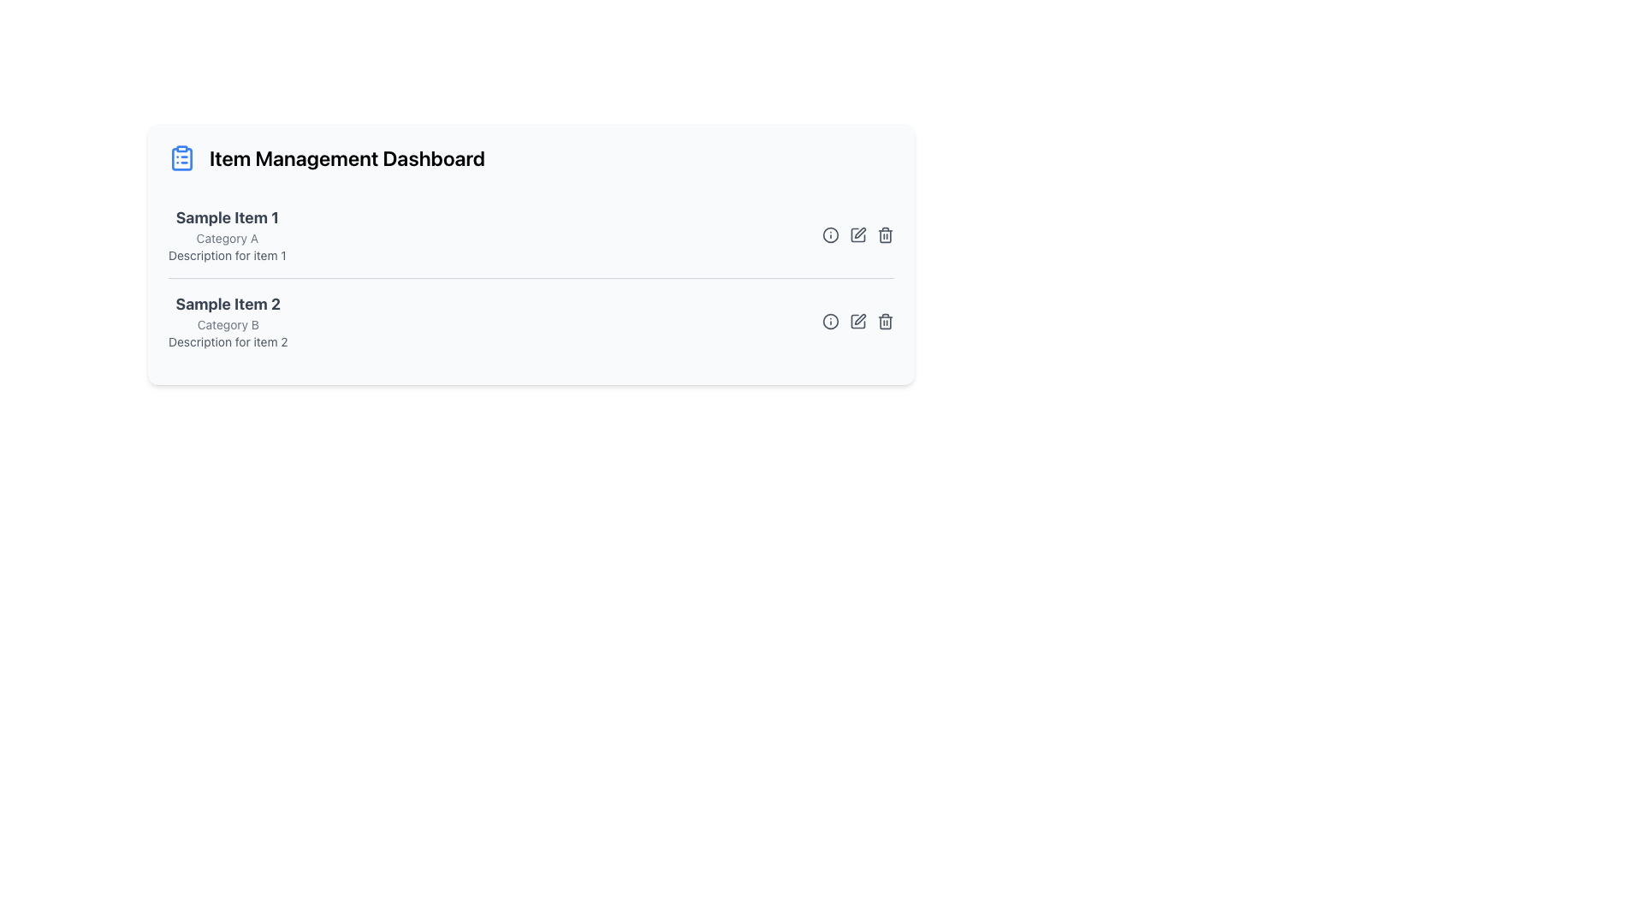 The height and width of the screenshot is (924, 1643). What do you see at coordinates (830, 234) in the screenshot?
I see `the circular graphical decoration within the information icon located to the right of 'Sample Item 2' in the action icon set` at bounding box center [830, 234].